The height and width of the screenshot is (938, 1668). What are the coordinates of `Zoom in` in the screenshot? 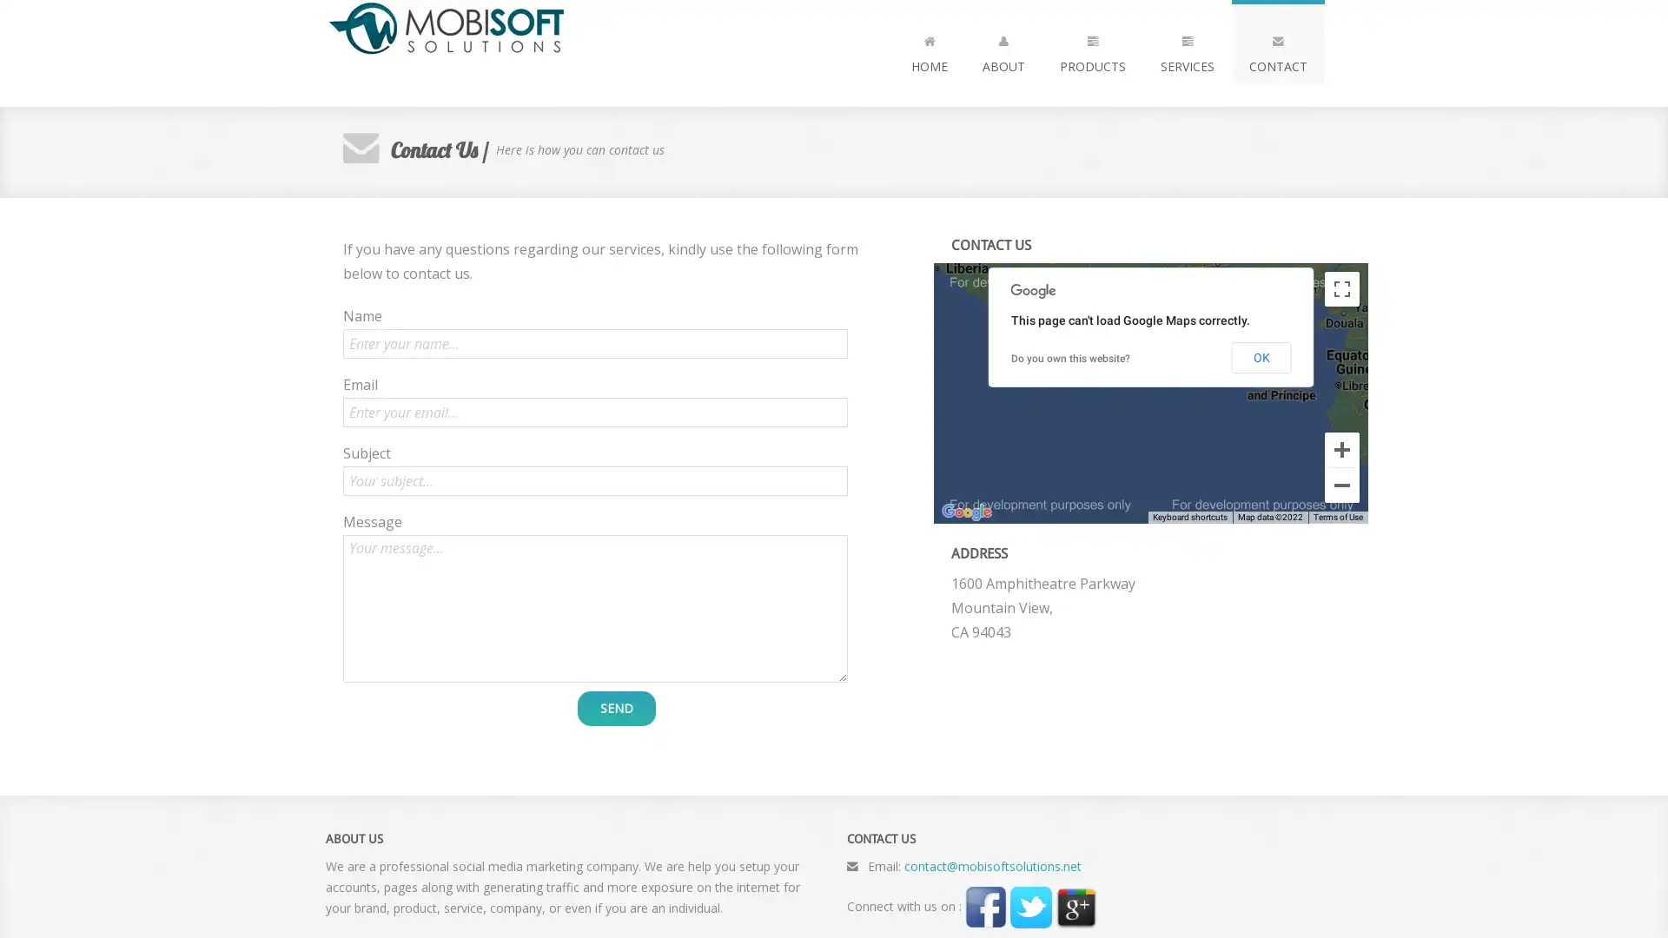 It's located at (1341, 448).